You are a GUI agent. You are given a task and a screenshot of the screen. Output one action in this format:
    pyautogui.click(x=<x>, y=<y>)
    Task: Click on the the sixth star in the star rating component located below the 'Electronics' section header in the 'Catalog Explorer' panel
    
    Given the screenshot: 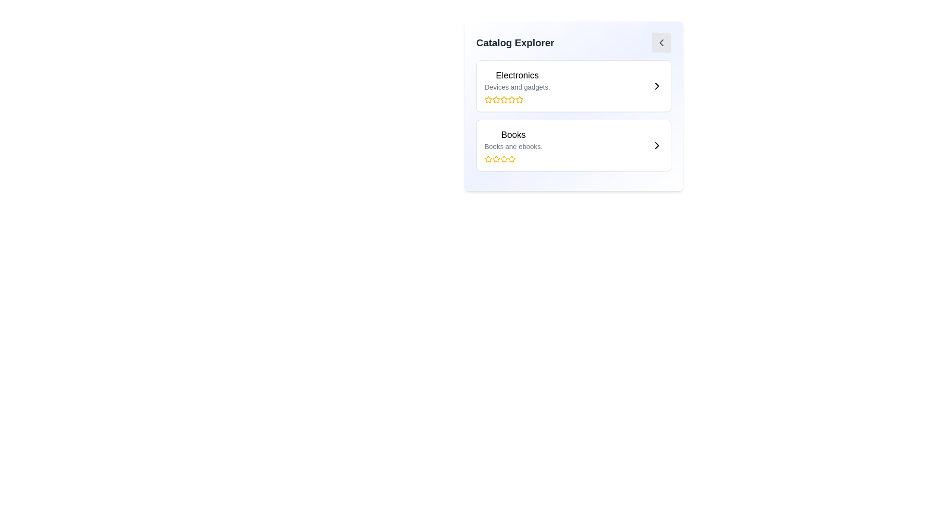 What is the action you would take?
    pyautogui.click(x=511, y=99)
    